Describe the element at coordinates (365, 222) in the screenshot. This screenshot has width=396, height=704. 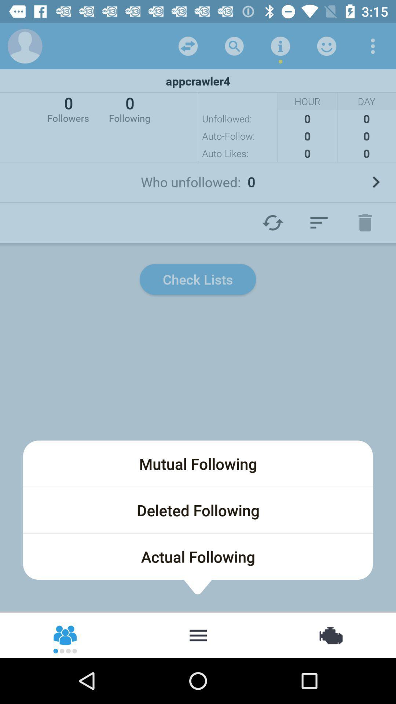
I see `delete appcrawler4` at that location.